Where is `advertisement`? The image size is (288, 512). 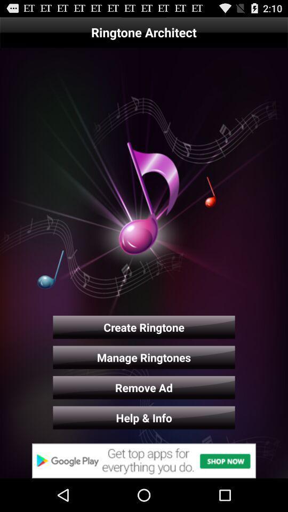 advertisement is located at coordinates (144, 460).